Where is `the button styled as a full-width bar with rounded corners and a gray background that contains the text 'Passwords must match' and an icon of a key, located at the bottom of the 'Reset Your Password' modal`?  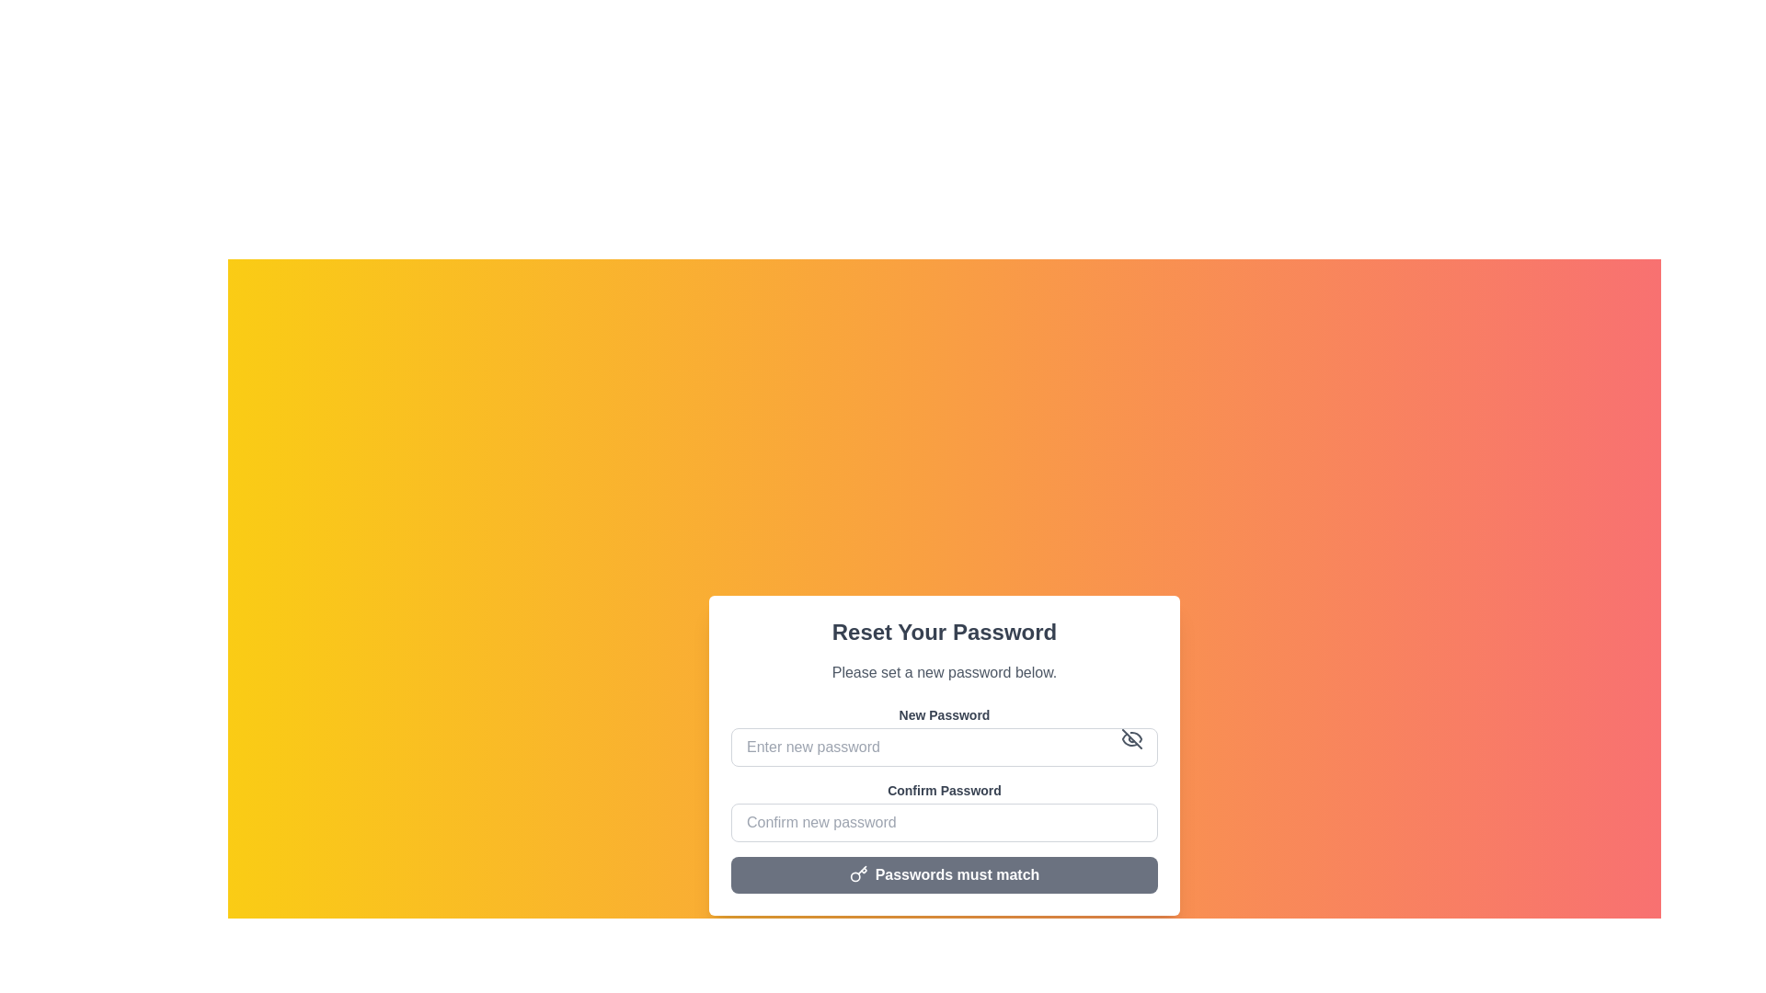 the button styled as a full-width bar with rounded corners and a gray background that contains the text 'Passwords must match' and an icon of a key, located at the bottom of the 'Reset Your Password' modal is located at coordinates (945, 874).